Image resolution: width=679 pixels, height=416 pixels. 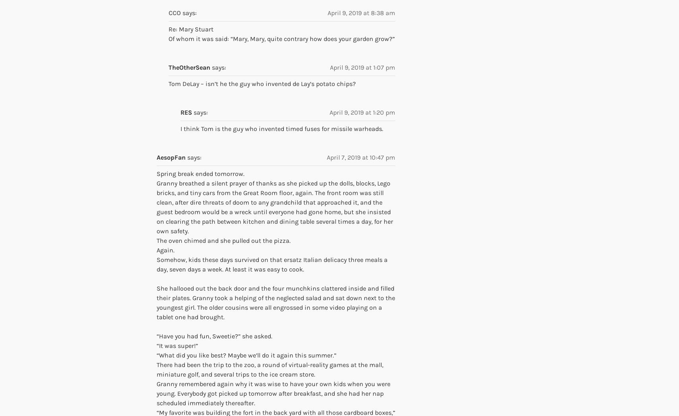 I want to click on 'April 9, 2019 at 1:07 pm', so click(x=363, y=67).